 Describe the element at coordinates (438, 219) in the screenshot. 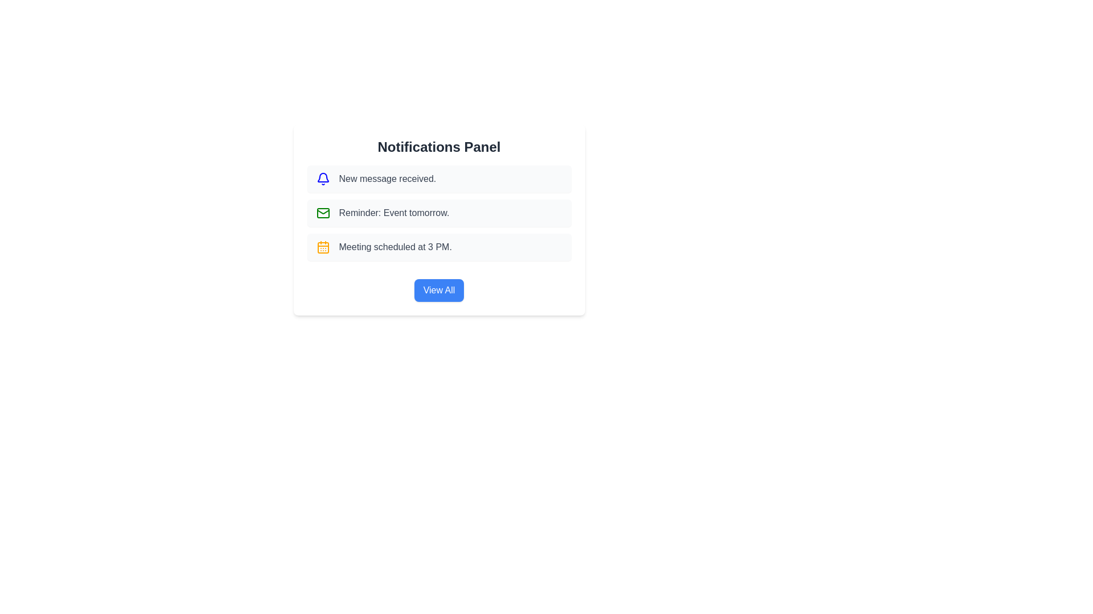

I see `the notification item titled 'Reminder: Event tomorrow.'` at that location.